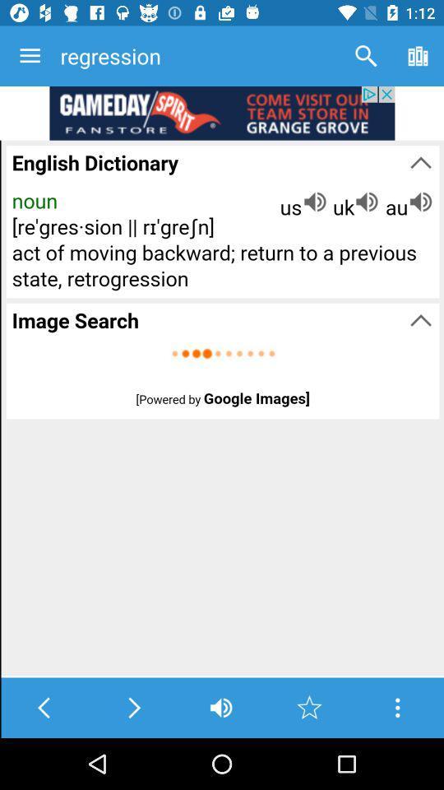 The width and height of the screenshot is (444, 790). I want to click on the star icon, so click(309, 707).